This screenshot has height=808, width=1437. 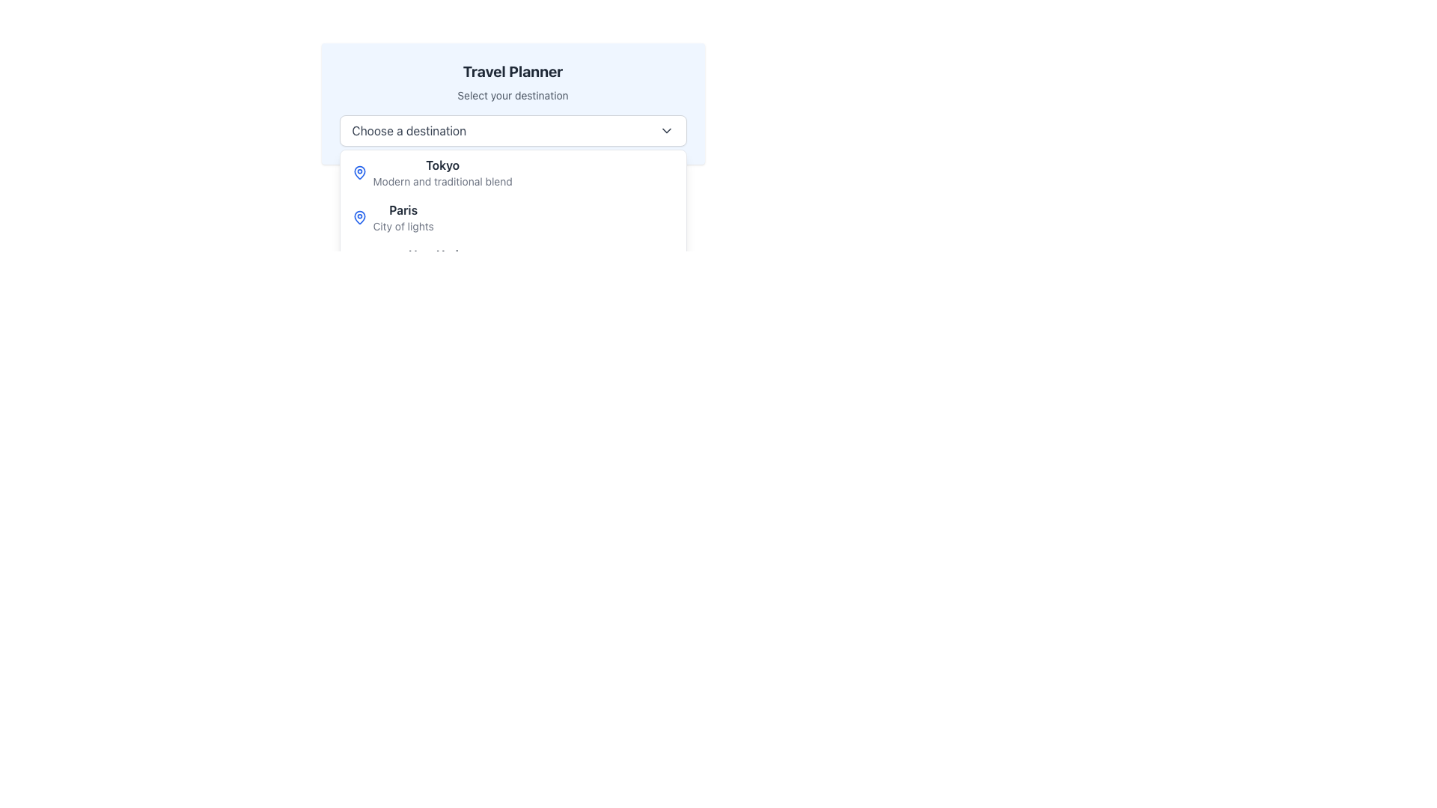 I want to click on the 'Tokyo' menu item in the dropdown under 'Choose a destination', so click(x=513, y=172).